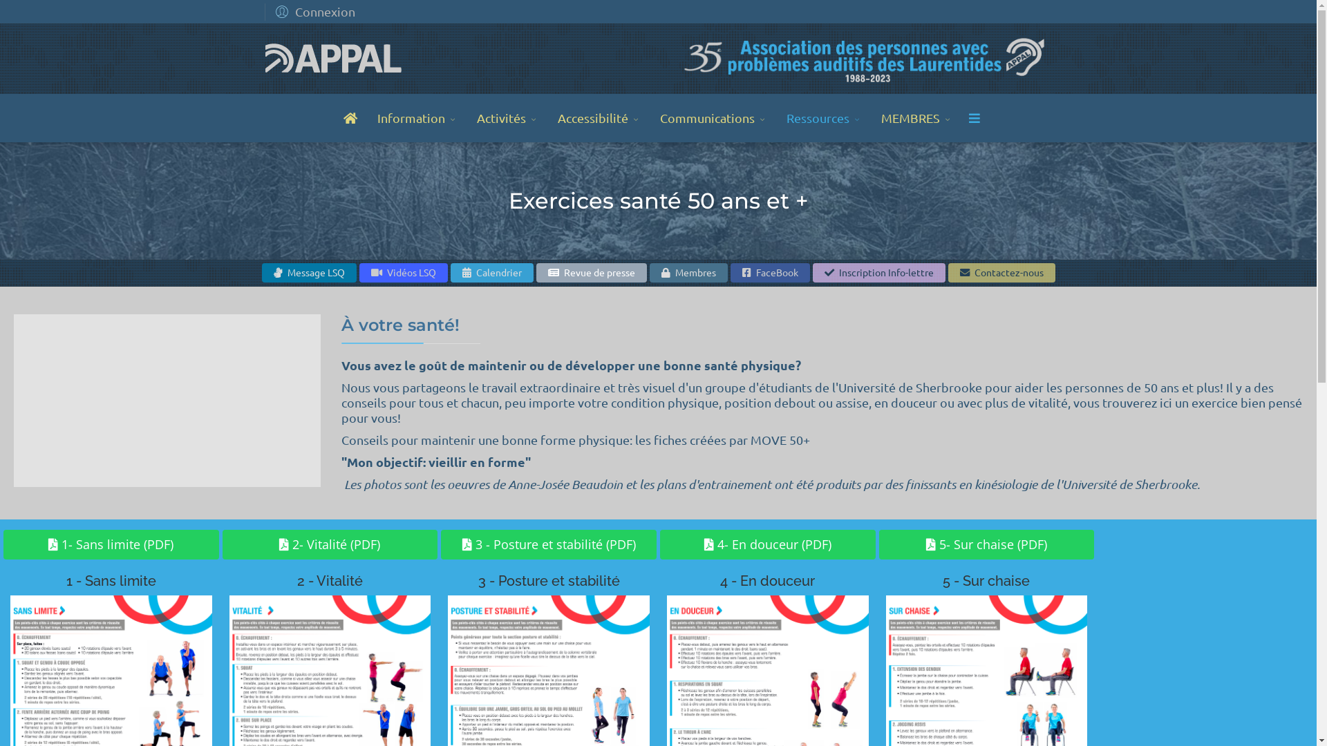 Image resolution: width=1327 pixels, height=746 pixels. Describe the element at coordinates (825, 117) in the screenshot. I see `'Ressources'` at that location.